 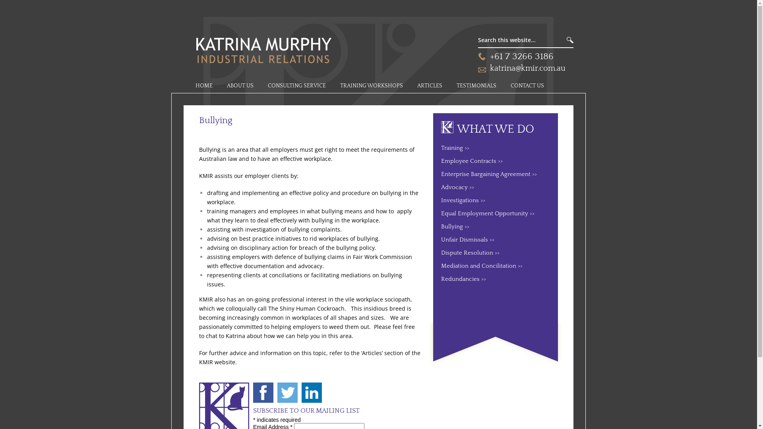 I want to click on 'CONSULTING SERVICE', so click(x=296, y=86).